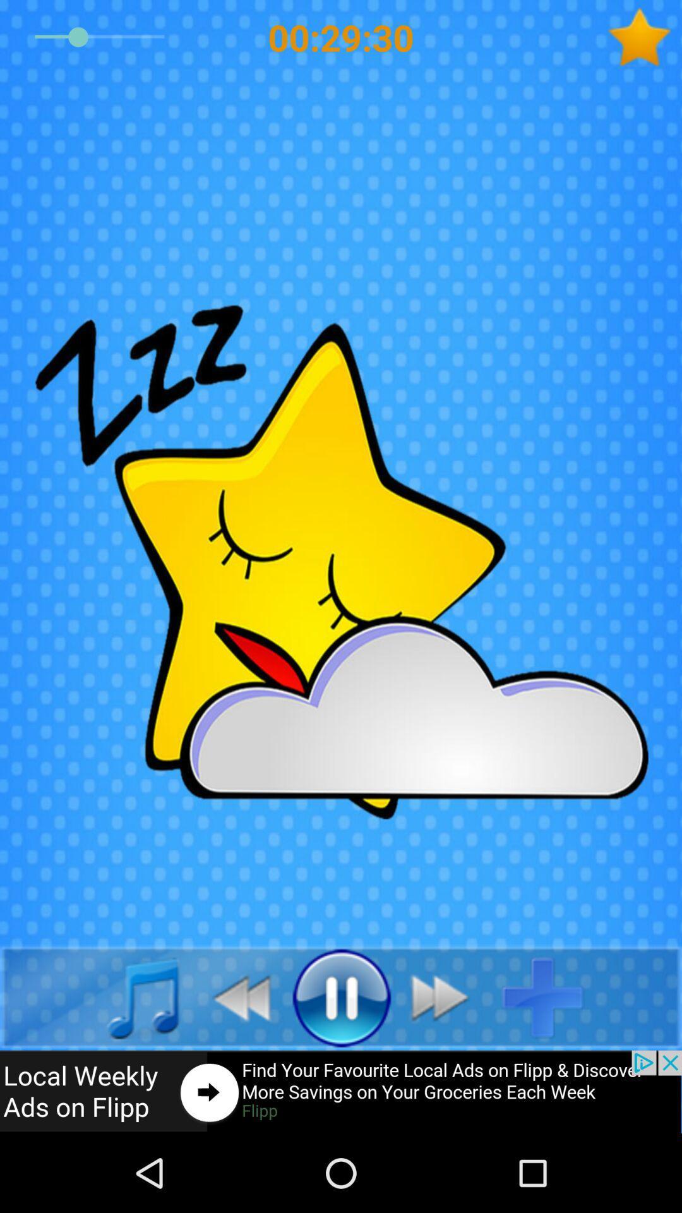  Describe the element at coordinates (234, 996) in the screenshot. I see `goto back` at that location.